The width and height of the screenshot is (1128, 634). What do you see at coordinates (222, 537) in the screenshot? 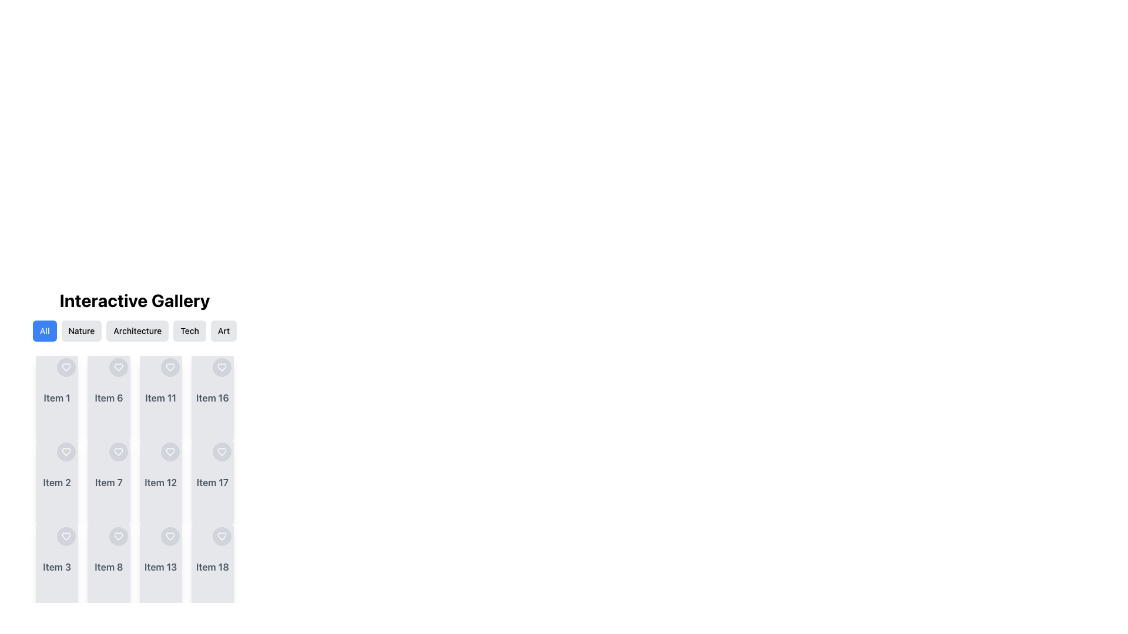
I see `on the heart-shaped icon representing the 'favorite' or 'like' action for Item 18 in the gallery, located in the fourth column of the grid layout` at bounding box center [222, 537].